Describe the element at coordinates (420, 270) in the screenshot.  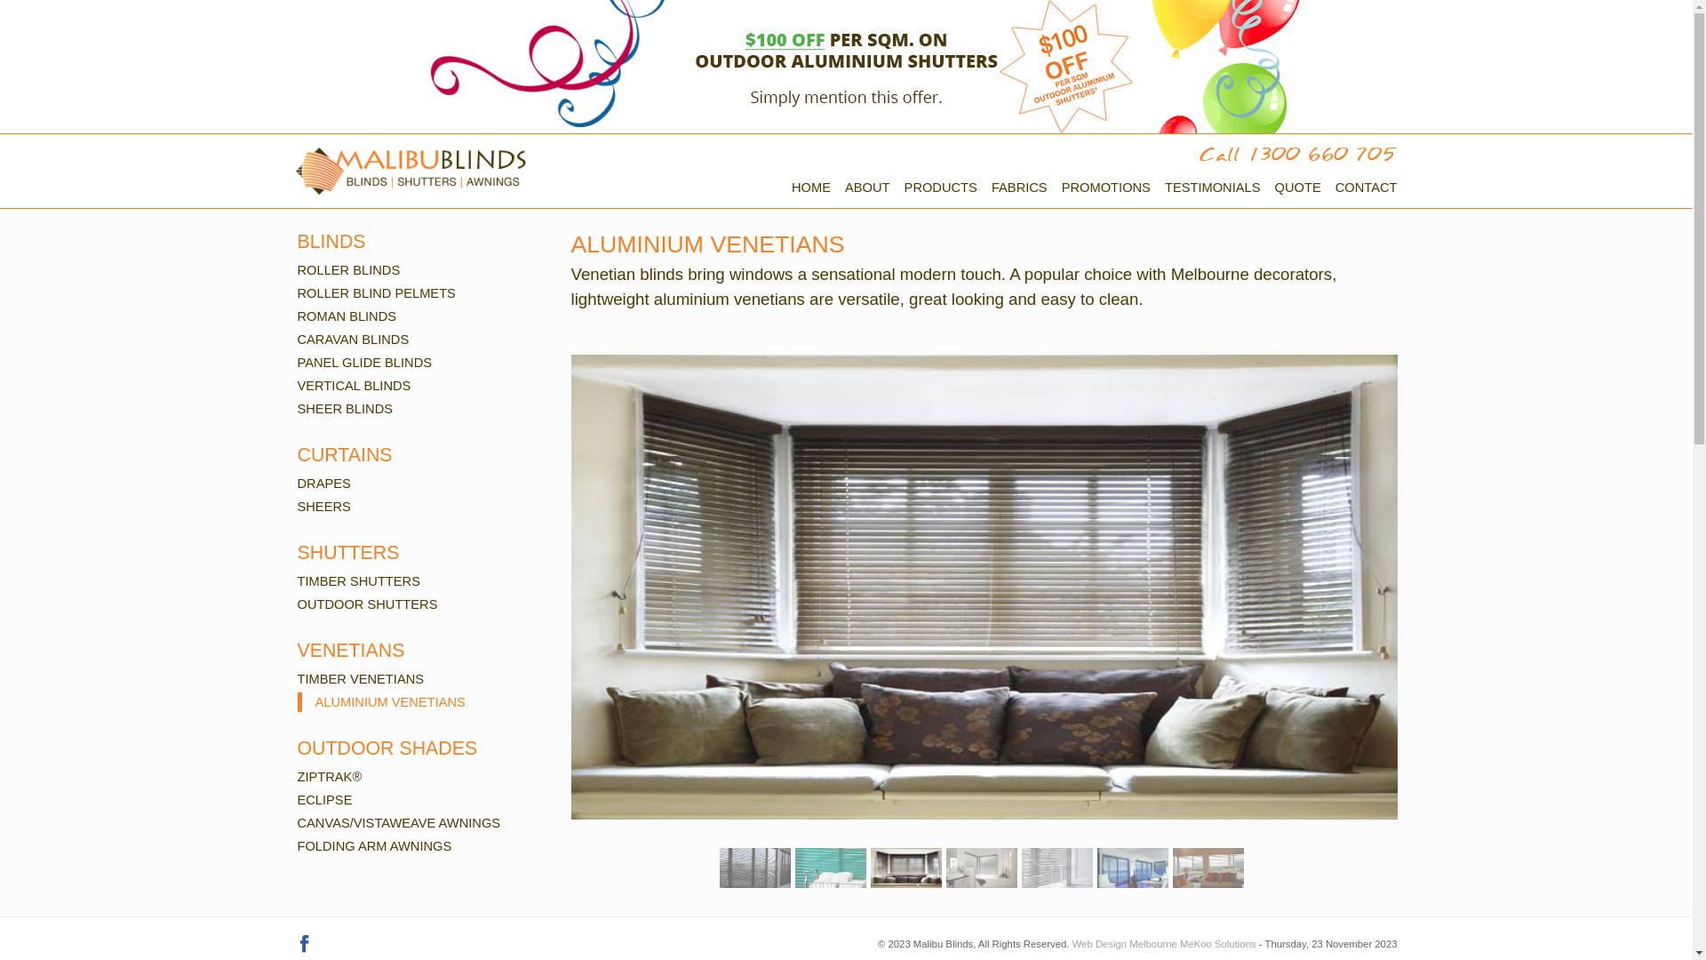
I see `'ROLLER BLINDS'` at that location.